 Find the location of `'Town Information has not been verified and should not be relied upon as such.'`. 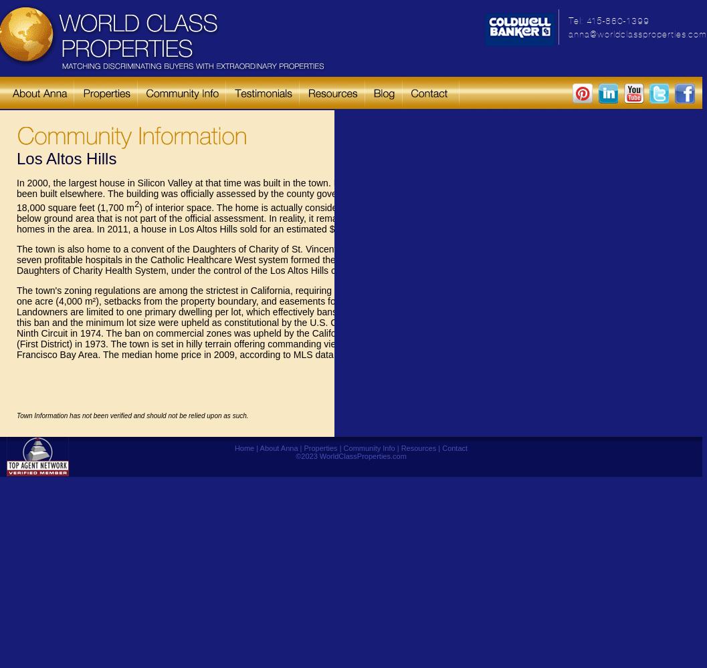

'Town Information has not been verified and should not be relied upon as such.' is located at coordinates (17, 414).